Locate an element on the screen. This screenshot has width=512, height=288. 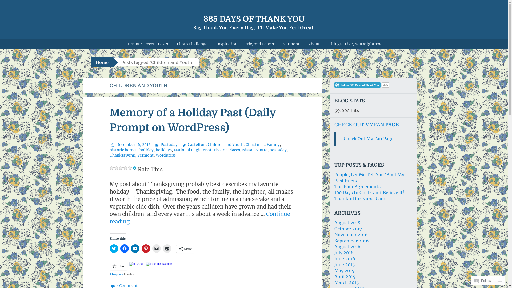
'People, Let Me Tell You 'Bout My Best Friend' is located at coordinates (369, 178).